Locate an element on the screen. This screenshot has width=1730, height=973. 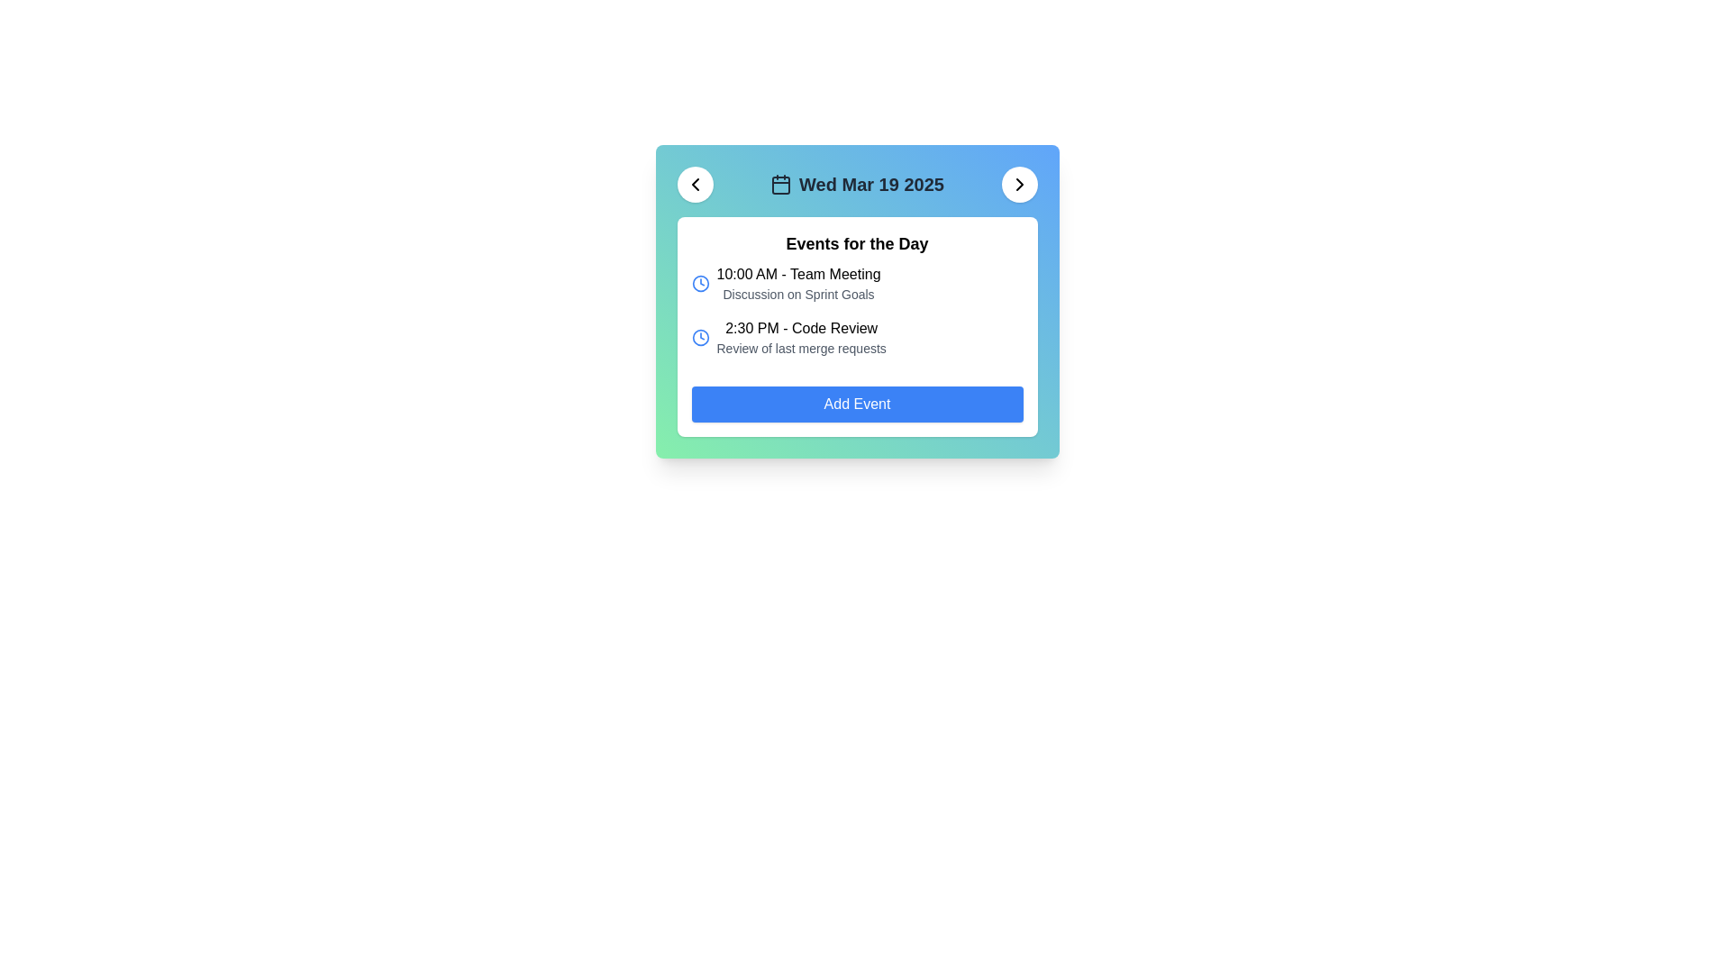
the date text display showing 'Wed Mar 19 2025' which is styled in bold, larger font and colored dark blue is located at coordinates (871, 184).